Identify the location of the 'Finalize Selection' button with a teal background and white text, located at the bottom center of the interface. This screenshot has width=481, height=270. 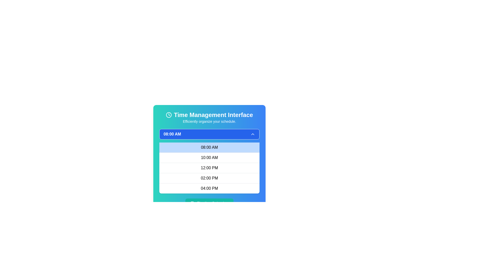
(209, 203).